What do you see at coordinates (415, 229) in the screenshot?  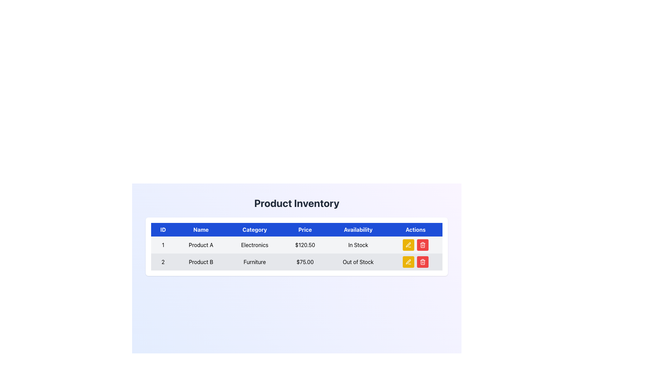 I see `the Text Label located in the far-right column of the table header that labels the column containing actionable items or controls for each row` at bounding box center [415, 229].